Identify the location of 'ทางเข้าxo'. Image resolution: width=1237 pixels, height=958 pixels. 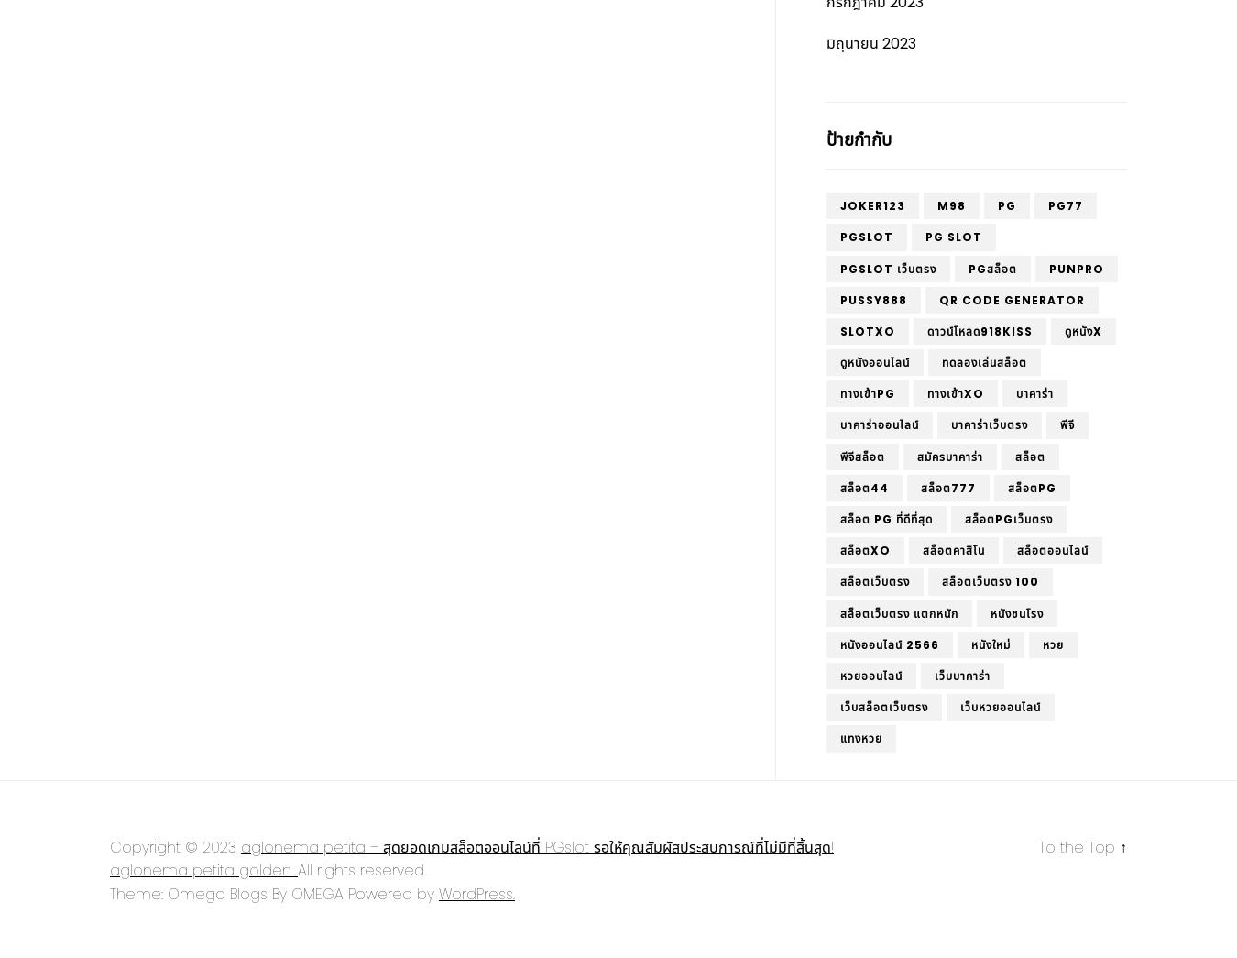
(956, 393).